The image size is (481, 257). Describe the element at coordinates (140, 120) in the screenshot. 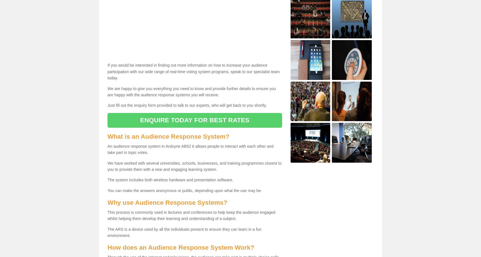

I see `'ENQUIRE TODAY FOR BEST RATES'` at that location.